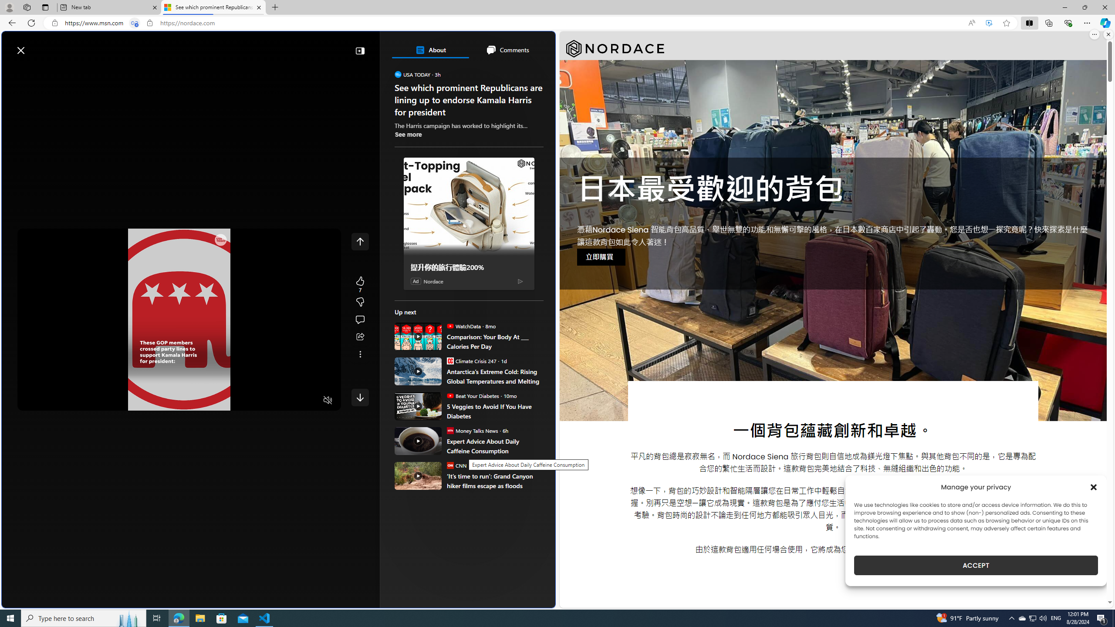 The width and height of the screenshot is (1115, 627). Describe the element at coordinates (495, 341) in the screenshot. I see `'Comparison: Your Body At ___ Calories Per Day'` at that location.